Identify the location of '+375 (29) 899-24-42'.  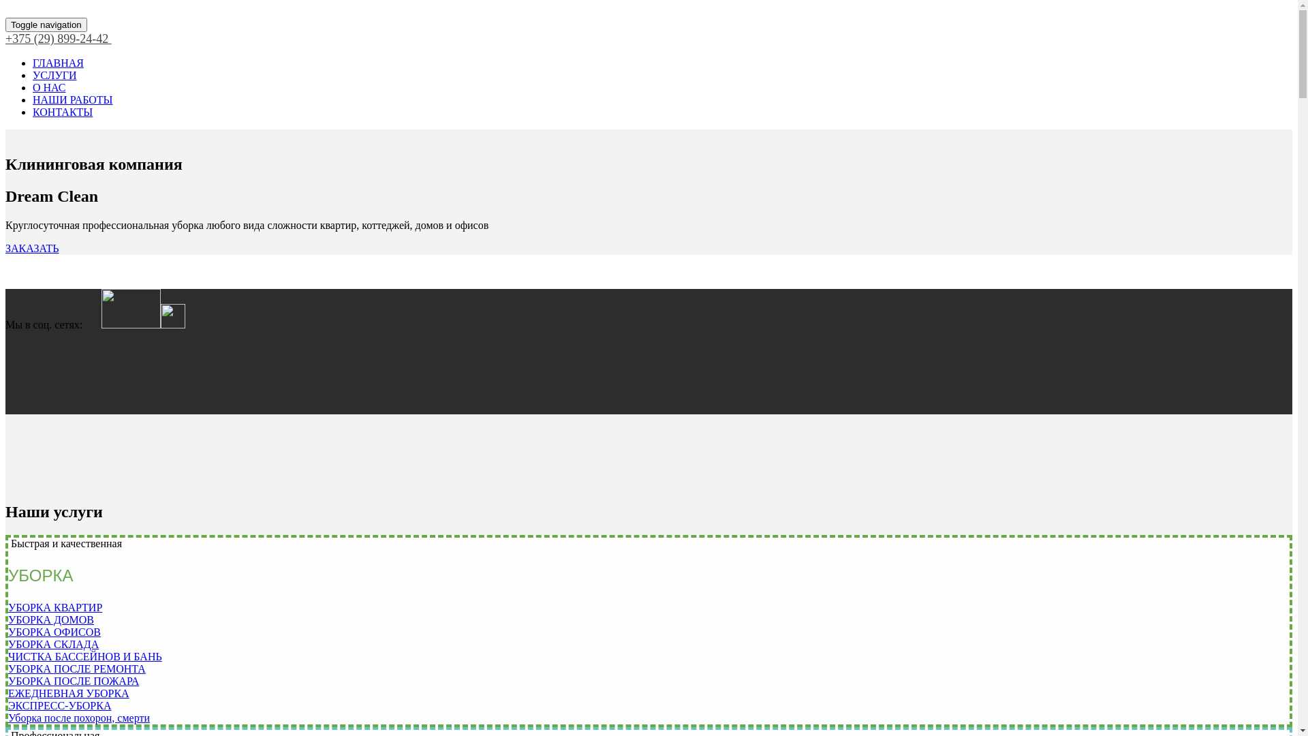
(5, 38).